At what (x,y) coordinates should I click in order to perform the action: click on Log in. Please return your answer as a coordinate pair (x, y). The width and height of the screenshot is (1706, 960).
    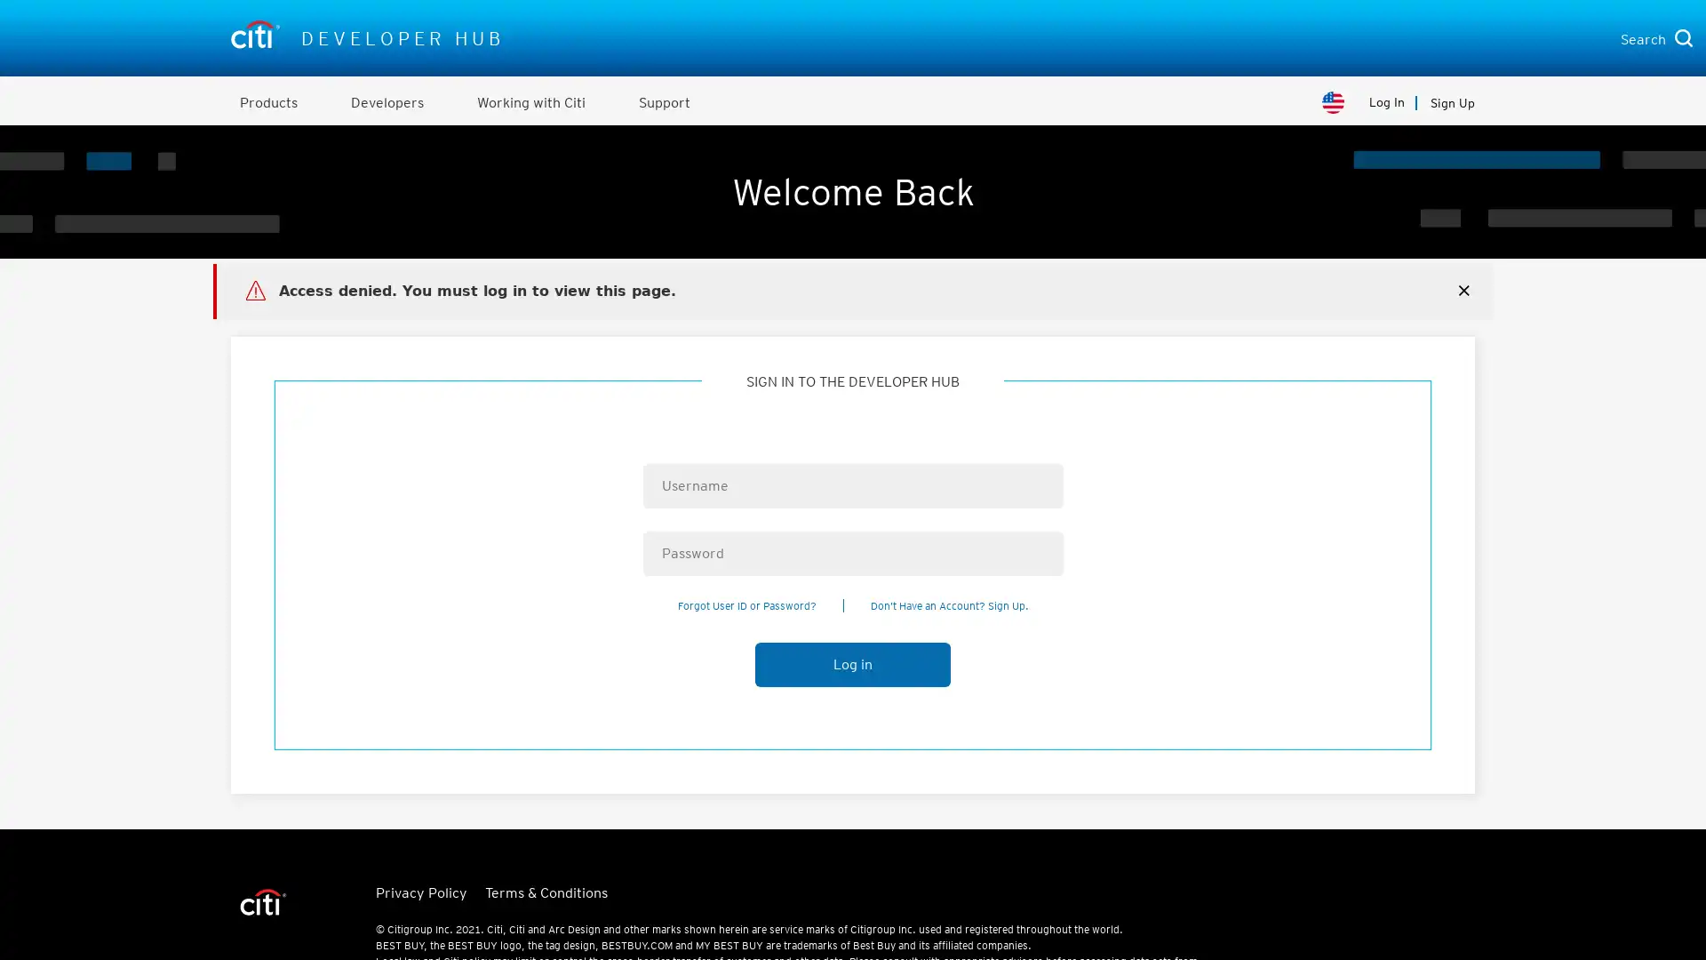
    Looking at the image, I should click on (853, 664).